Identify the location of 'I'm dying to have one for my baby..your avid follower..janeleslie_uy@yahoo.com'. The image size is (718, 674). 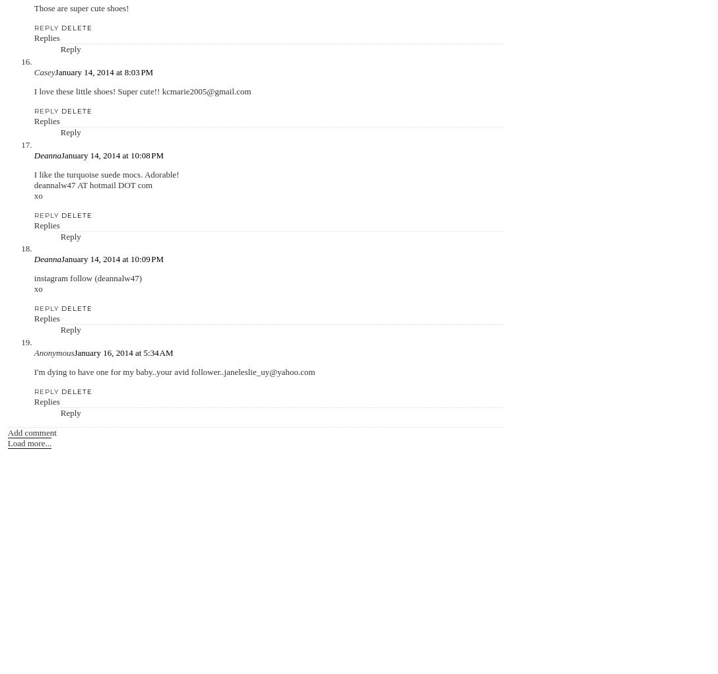
(34, 370).